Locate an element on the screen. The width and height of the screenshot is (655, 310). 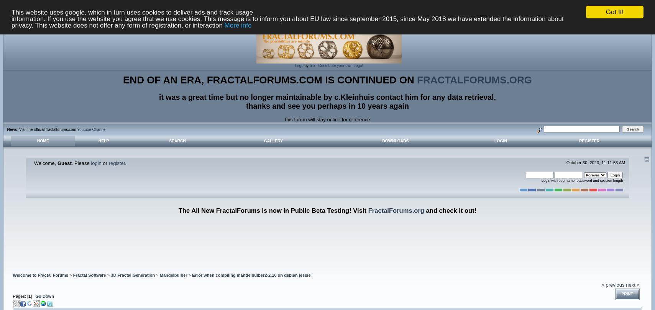
'by' is located at coordinates (305, 65).